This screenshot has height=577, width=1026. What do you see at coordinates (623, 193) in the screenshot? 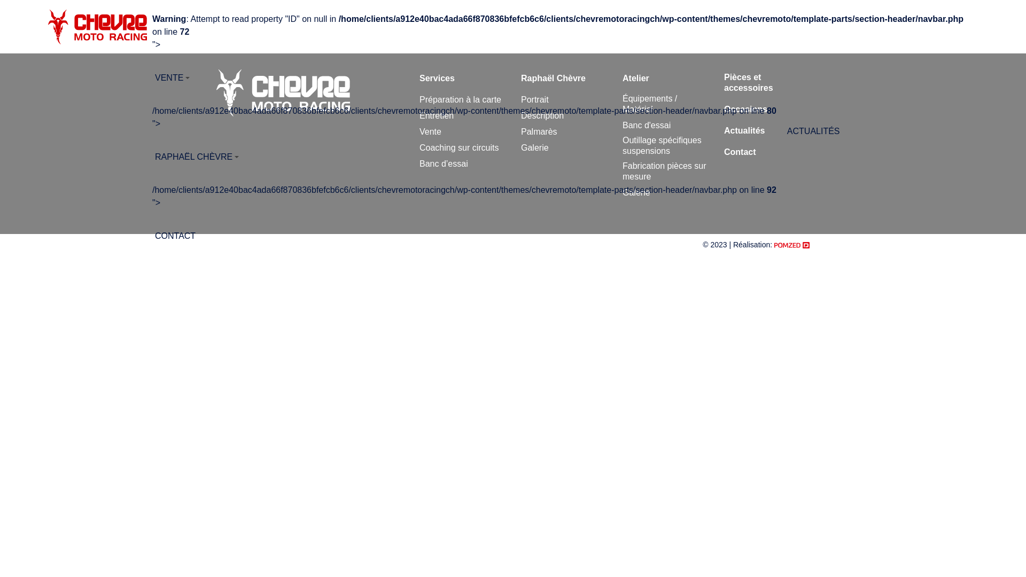
I see `'Galerie'` at bounding box center [623, 193].